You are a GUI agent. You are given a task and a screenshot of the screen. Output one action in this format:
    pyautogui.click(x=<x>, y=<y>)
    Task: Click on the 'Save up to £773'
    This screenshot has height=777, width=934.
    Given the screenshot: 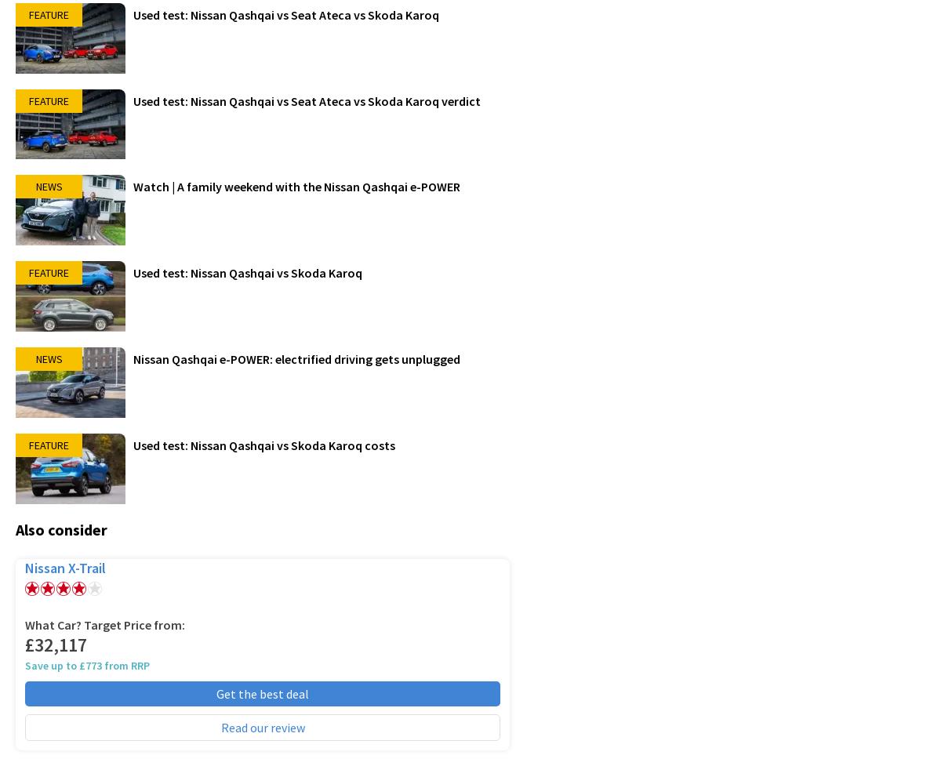 What is the action you would take?
    pyautogui.click(x=62, y=664)
    